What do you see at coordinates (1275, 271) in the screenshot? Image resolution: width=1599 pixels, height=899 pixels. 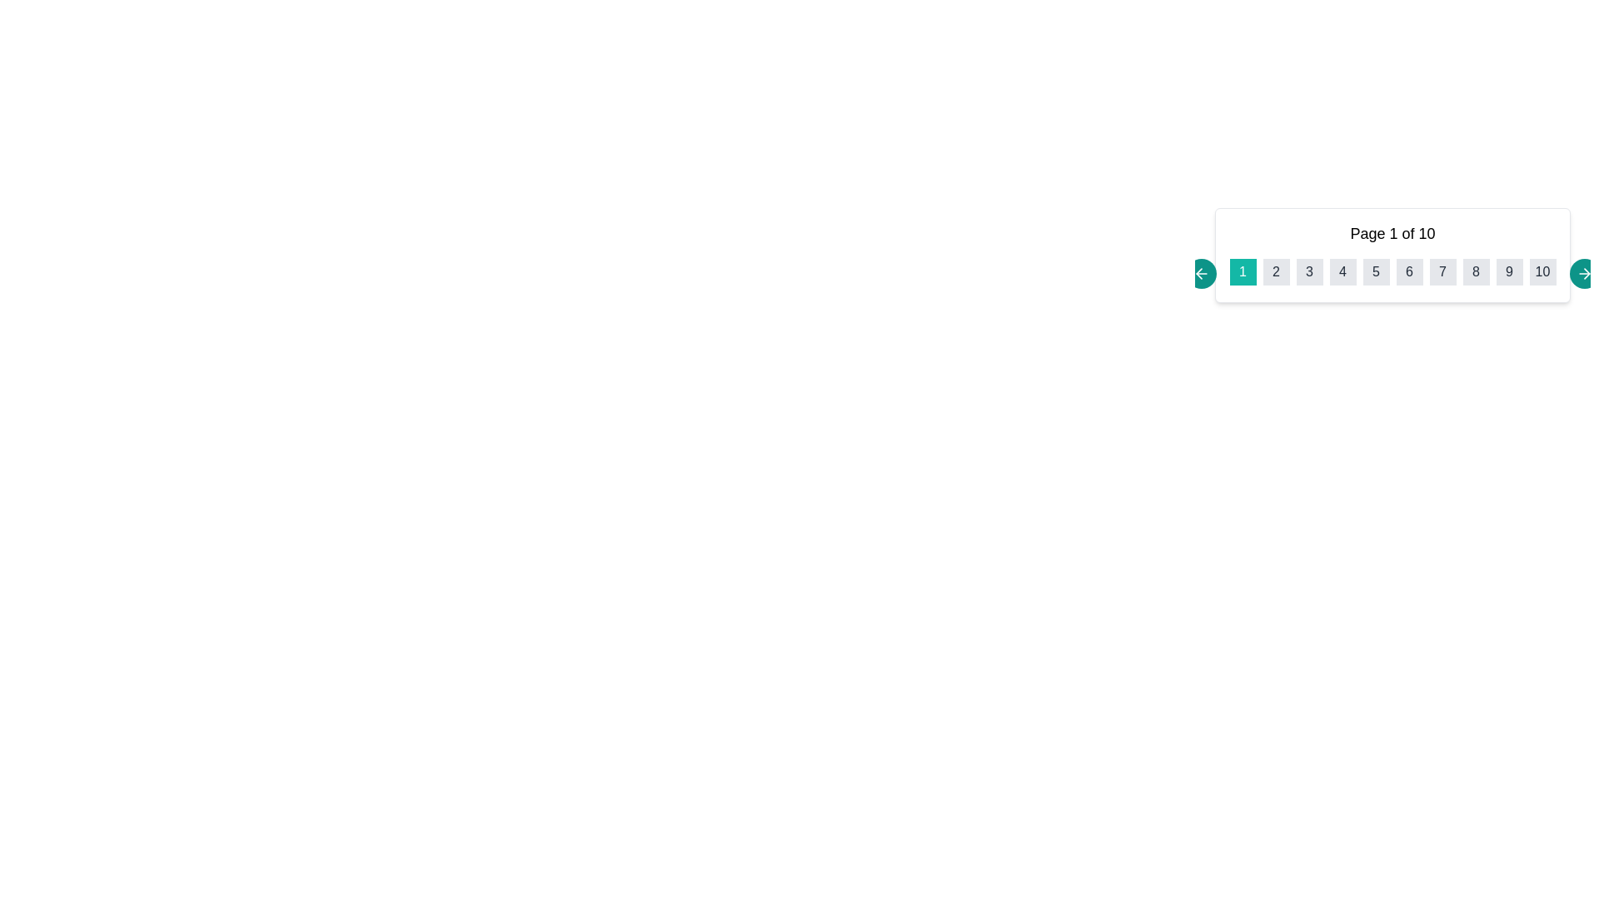 I see `the small square button with a gray background and the number '2' displayed in black font` at bounding box center [1275, 271].